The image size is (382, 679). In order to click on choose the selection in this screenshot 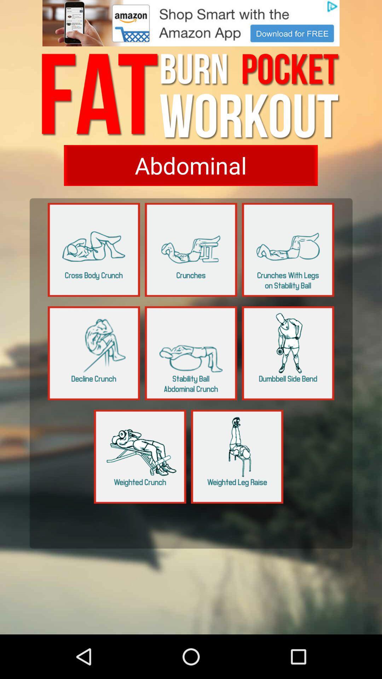, I will do `click(190, 165)`.